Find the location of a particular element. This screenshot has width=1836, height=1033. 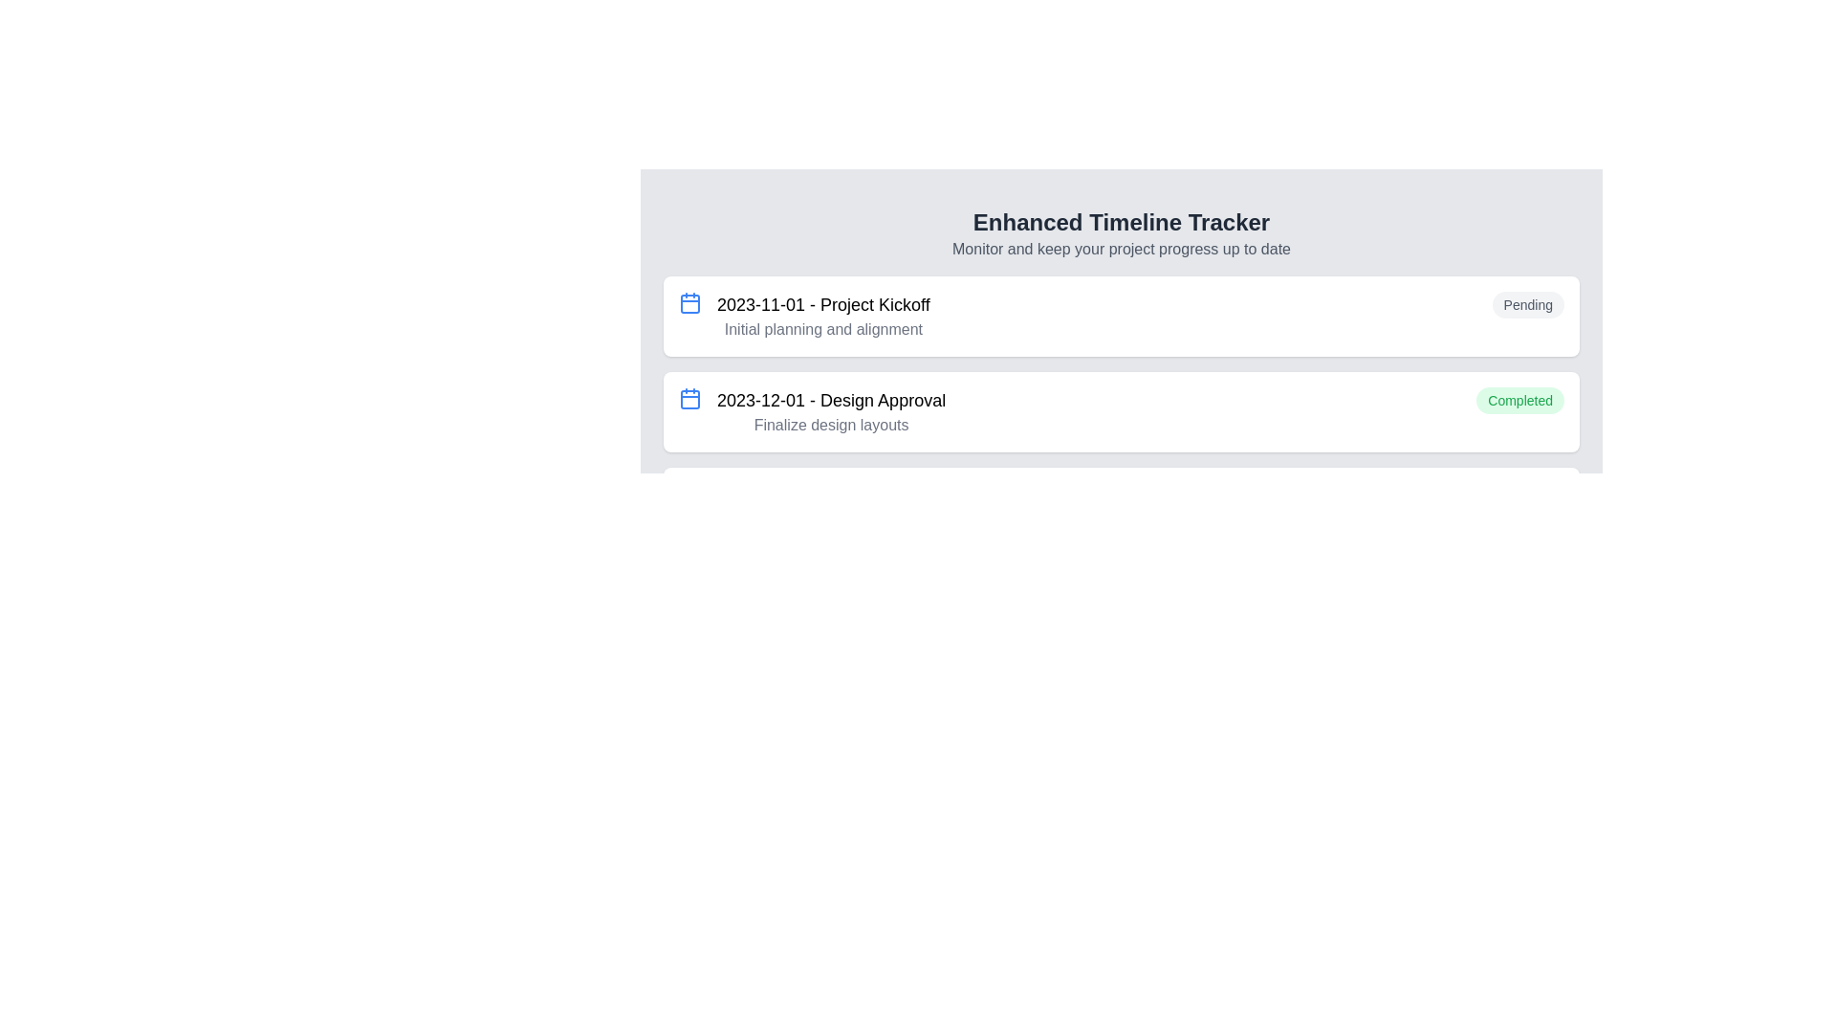

the multi-line text content that represents an event or task in the project tracking interface, located on the first card with a blue calendar icon on the left and 'Pending' status on the right is located at coordinates (823, 316).